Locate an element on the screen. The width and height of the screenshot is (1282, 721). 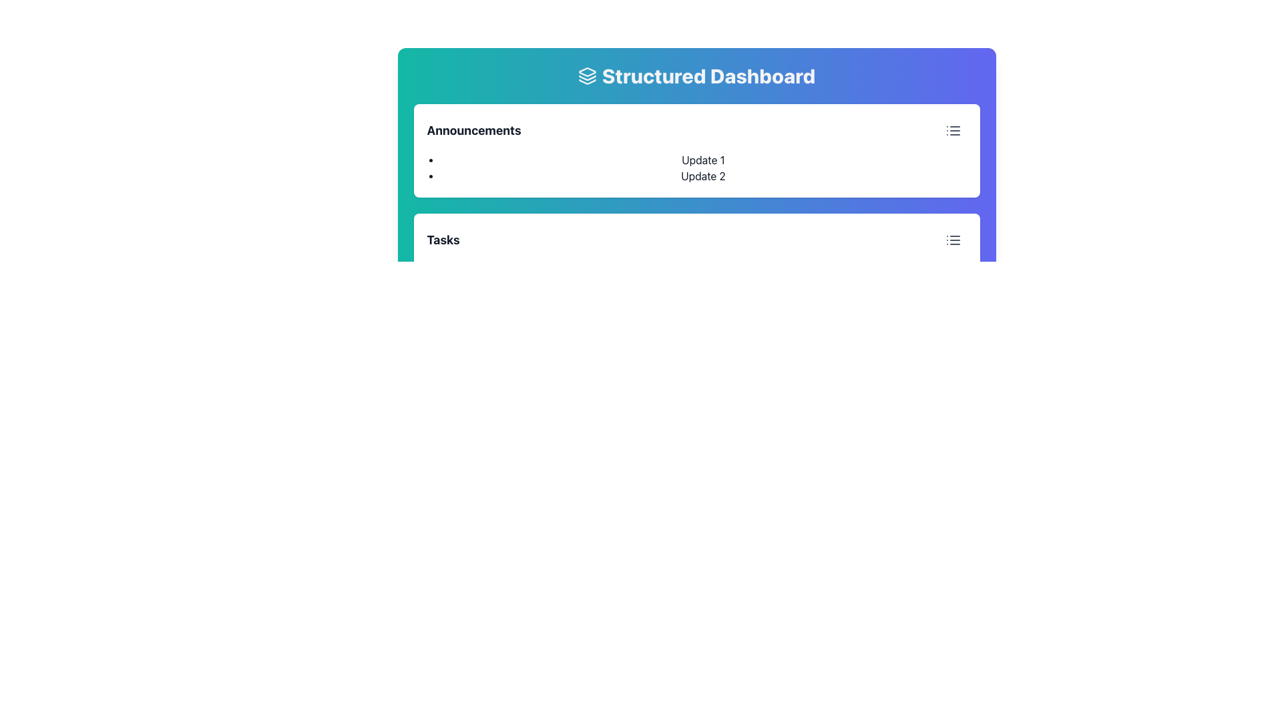
the circular gray button with a list icon on the right edge of the row labeled 'Announcements' is located at coordinates (952, 131).